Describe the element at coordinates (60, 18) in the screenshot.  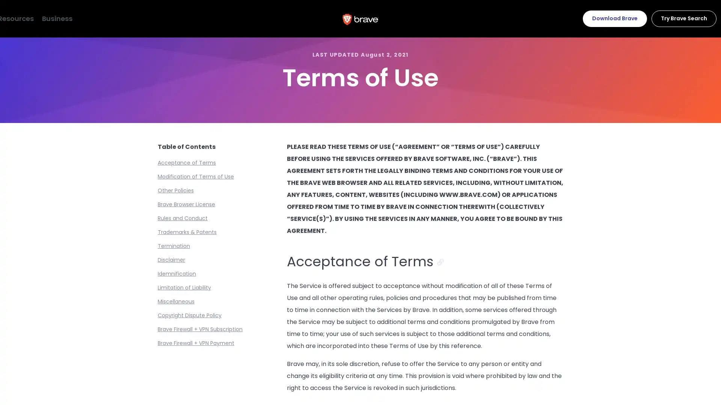
I see `Products` at that location.